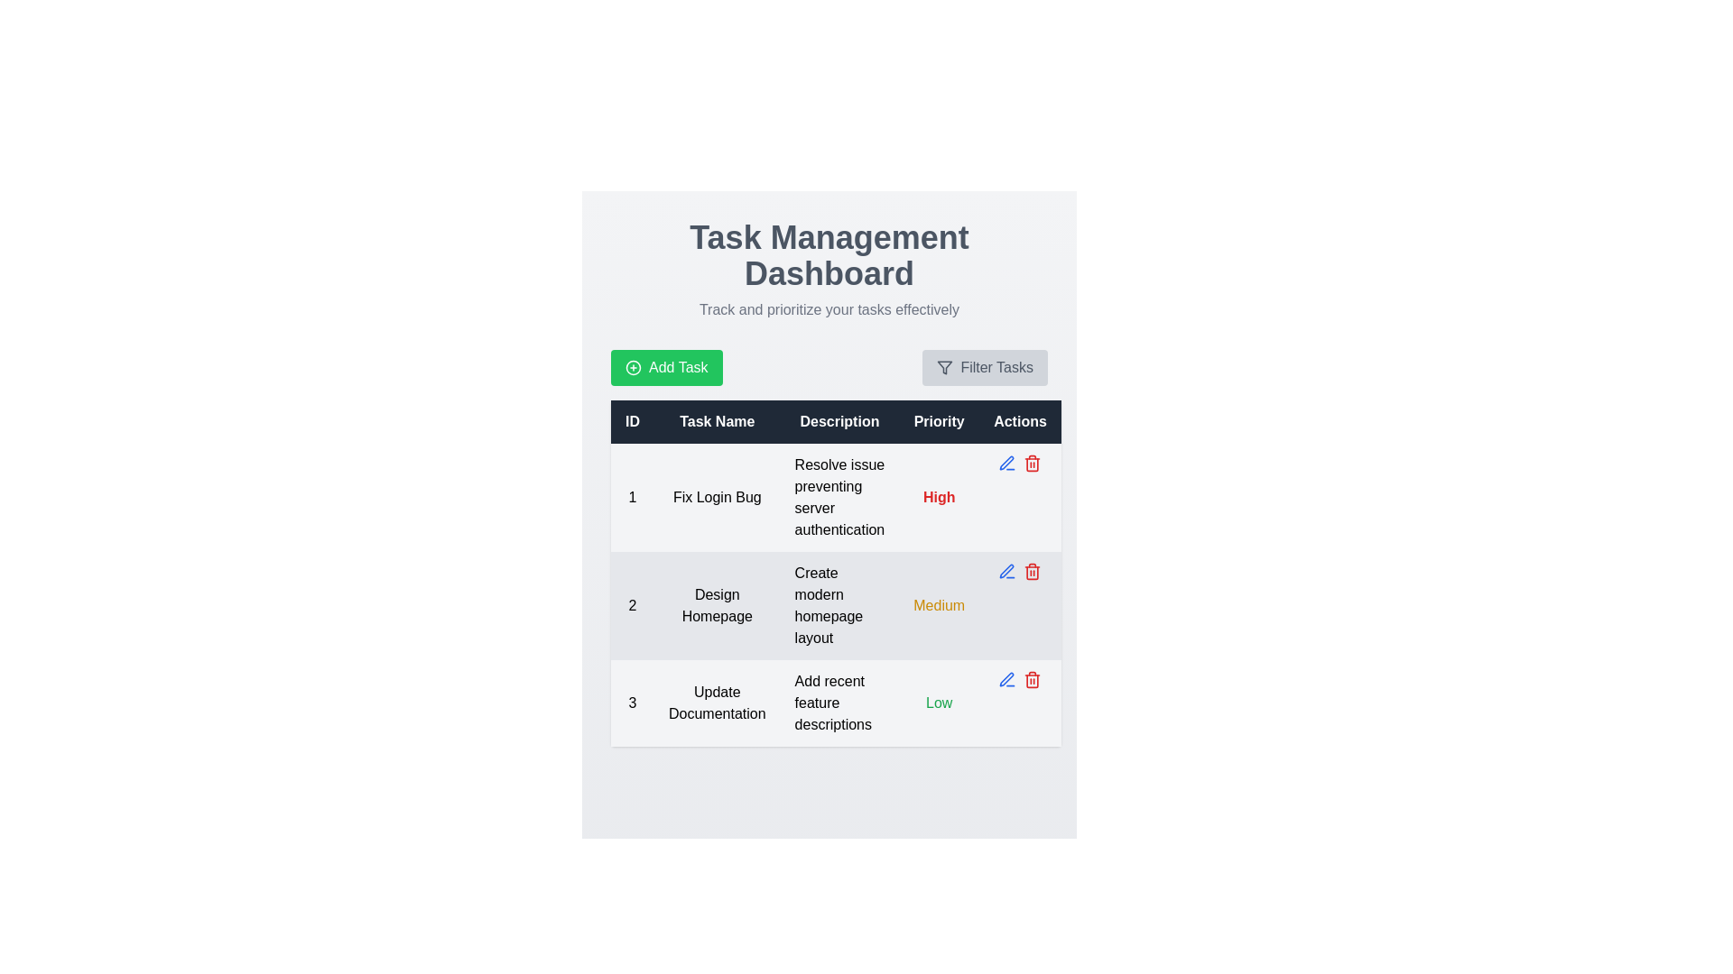  What do you see at coordinates (1020, 421) in the screenshot?
I see `the Static Text Header labeled 'Actions', which is the fifth header cell in the table and is styled in bold white font on a dark background` at bounding box center [1020, 421].